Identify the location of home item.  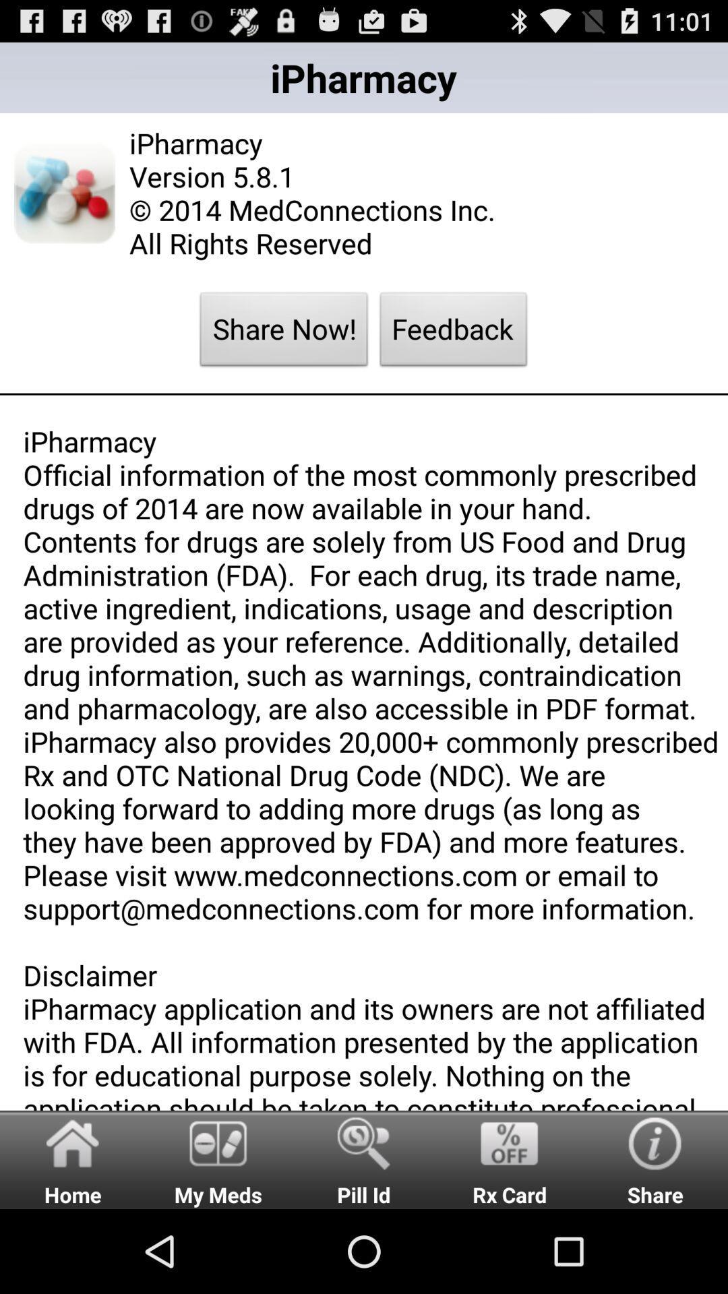
(73, 1159).